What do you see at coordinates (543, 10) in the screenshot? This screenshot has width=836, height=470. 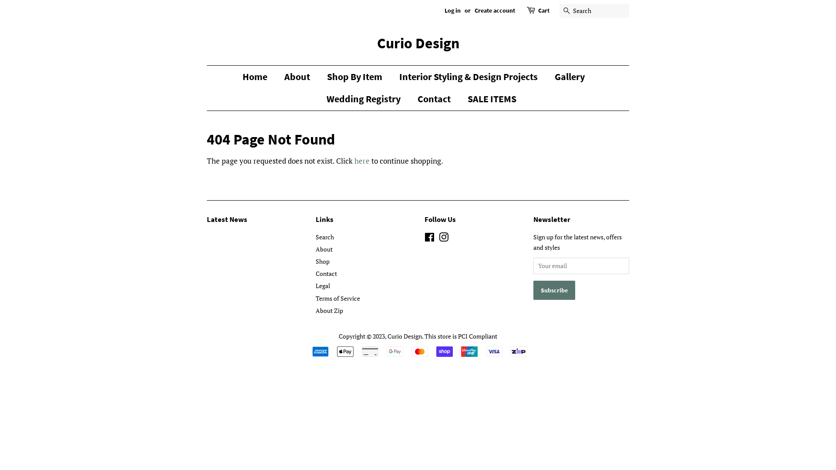 I see `'Cart'` at bounding box center [543, 10].